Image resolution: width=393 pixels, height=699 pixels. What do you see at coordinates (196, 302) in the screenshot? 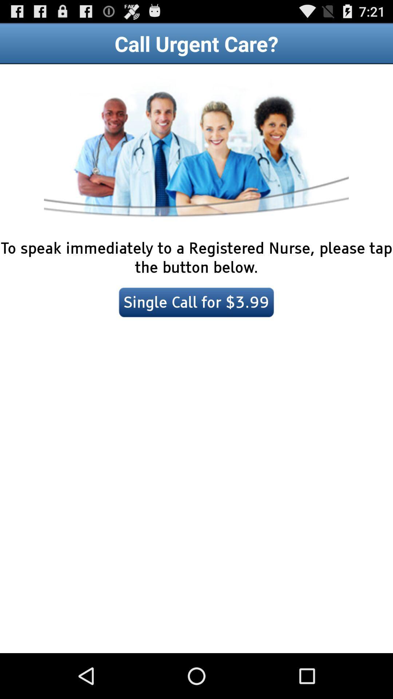
I see `icon below to speak immediately` at bounding box center [196, 302].